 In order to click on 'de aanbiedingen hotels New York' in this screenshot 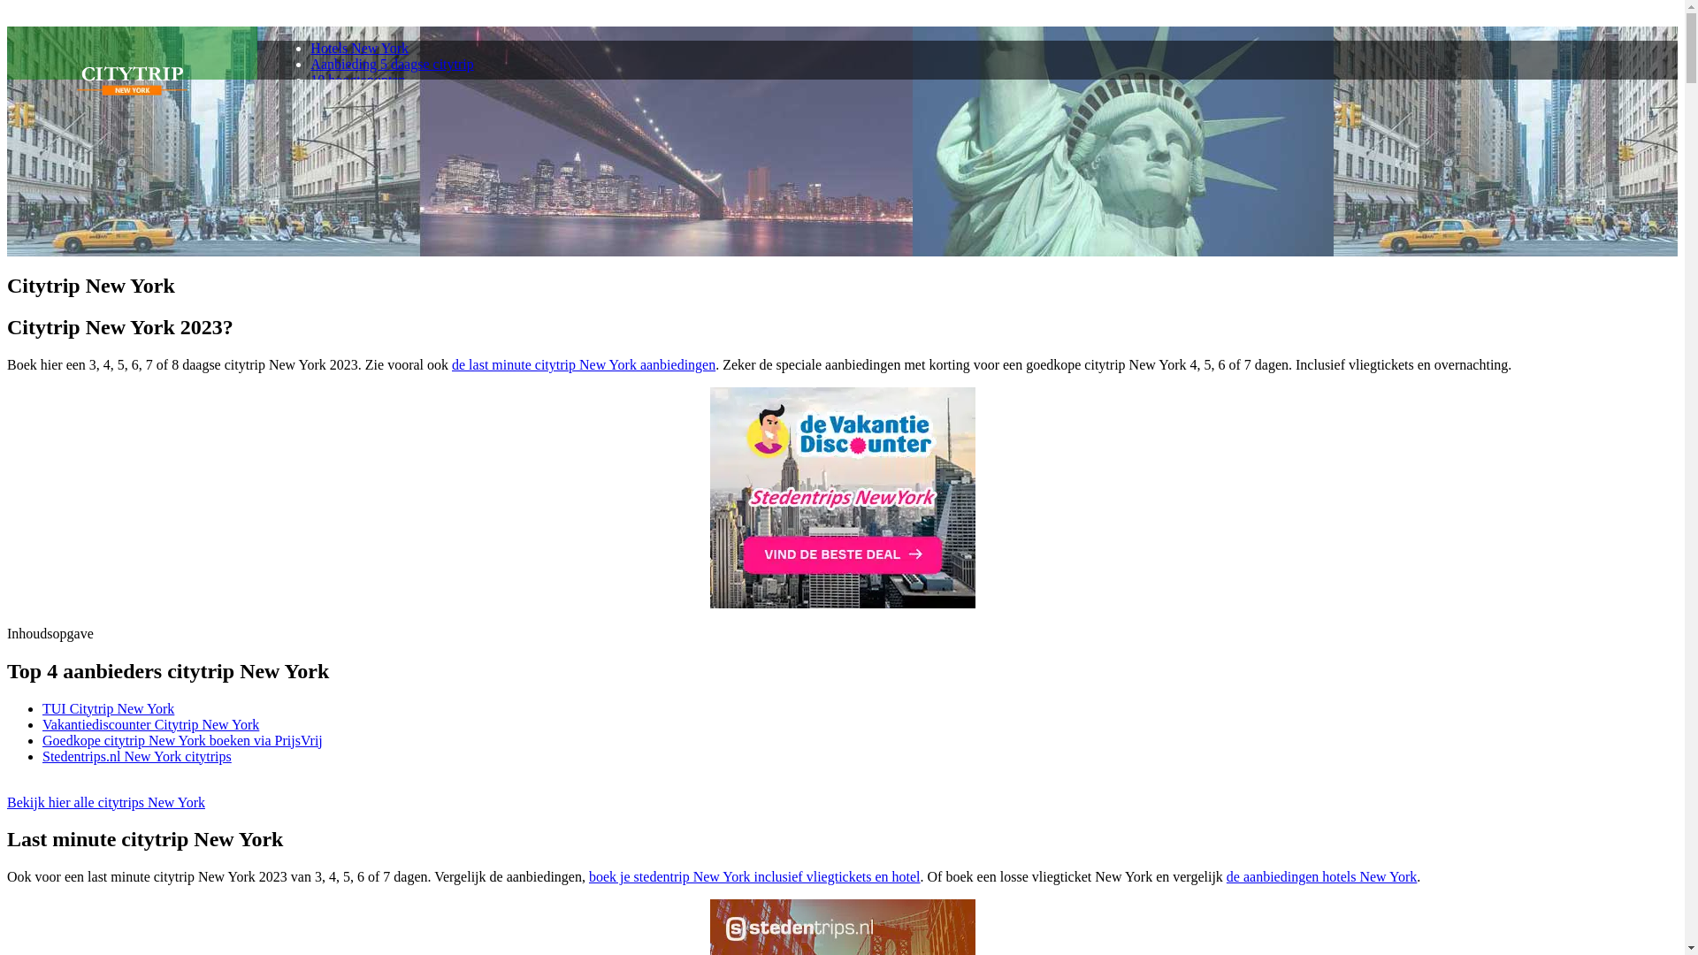, I will do `click(1321, 876)`.